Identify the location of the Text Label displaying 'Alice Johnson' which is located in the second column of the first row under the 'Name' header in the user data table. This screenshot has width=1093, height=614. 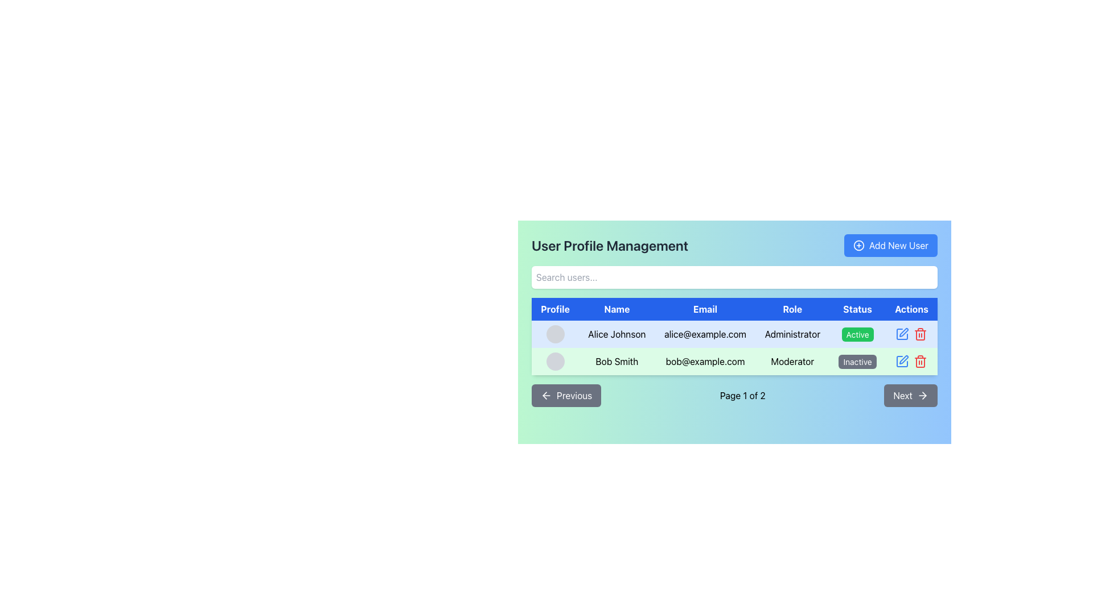
(616, 333).